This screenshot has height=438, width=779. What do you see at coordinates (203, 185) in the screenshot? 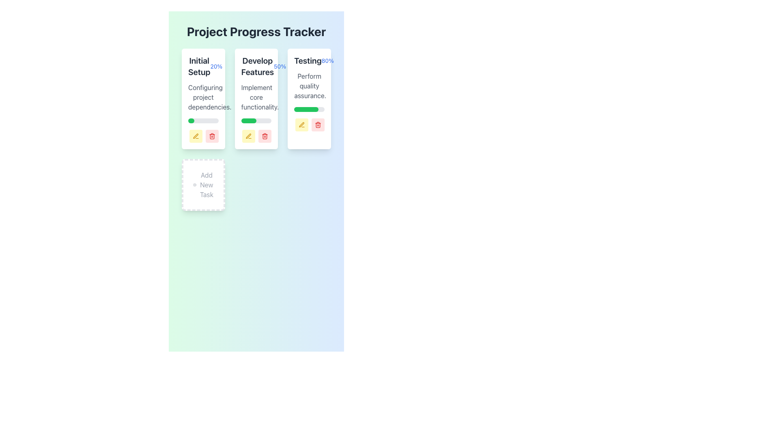
I see `the 'Add New Task' button, which is a rectangle with rounded corners, white and dashed border, containing the text 'Add New Task' and a circular plus icon above it` at bounding box center [203, 185].